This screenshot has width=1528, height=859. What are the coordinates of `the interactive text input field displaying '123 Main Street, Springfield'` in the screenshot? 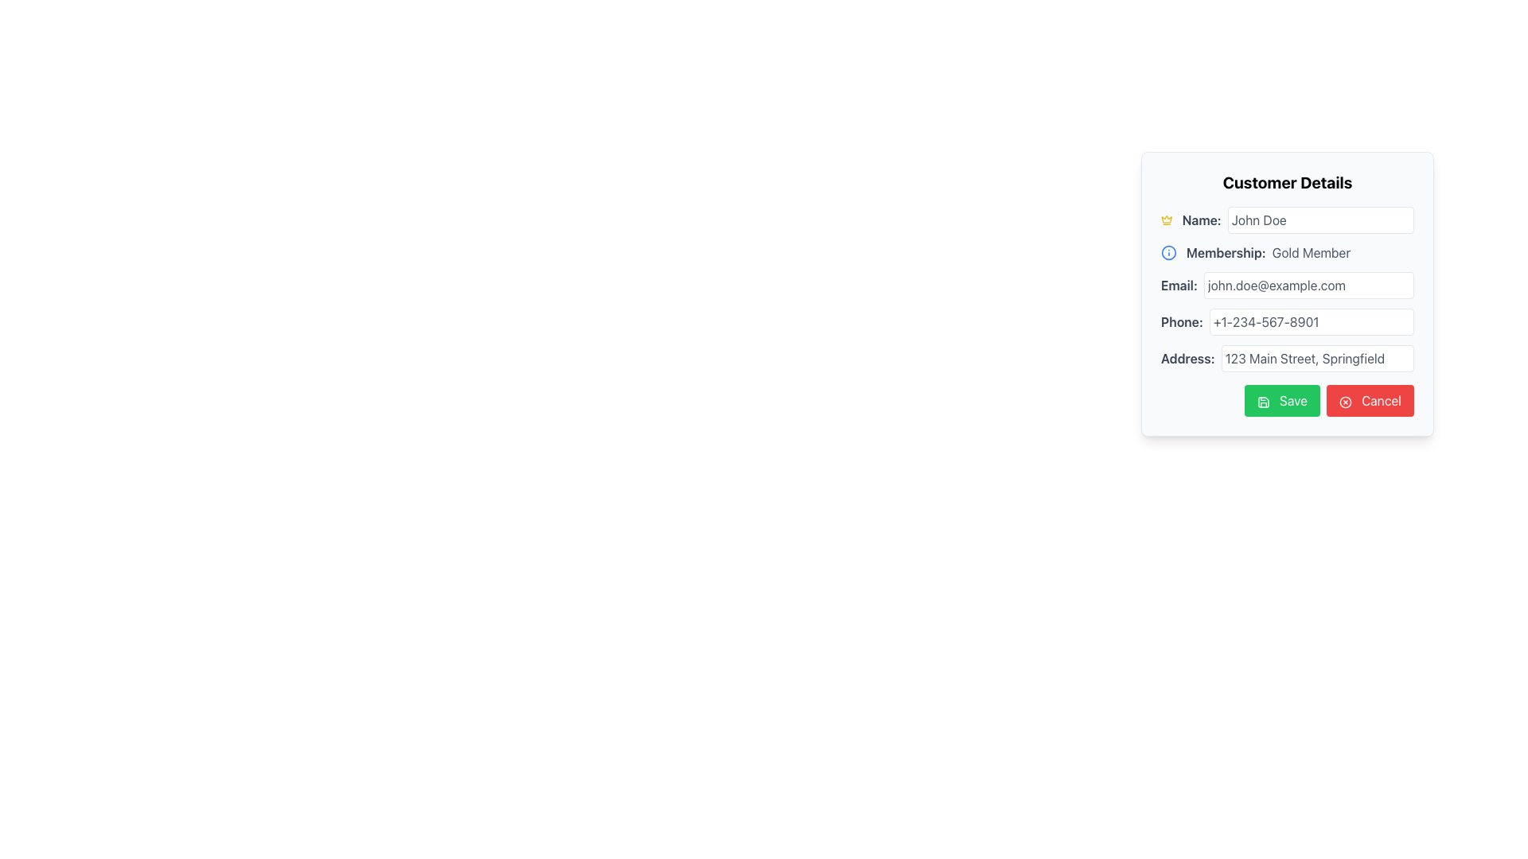 It's located at (1287, 359).